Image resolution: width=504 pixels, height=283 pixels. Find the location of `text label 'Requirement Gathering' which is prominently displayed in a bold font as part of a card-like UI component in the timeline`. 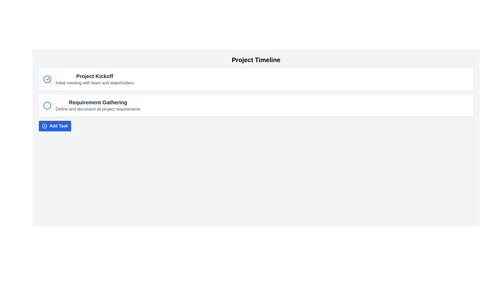

text label 'Requirement Gathering' which is prominently displayed in a bold font as part of a card-like UI component in the timeline is located at coordinates (98, 102).